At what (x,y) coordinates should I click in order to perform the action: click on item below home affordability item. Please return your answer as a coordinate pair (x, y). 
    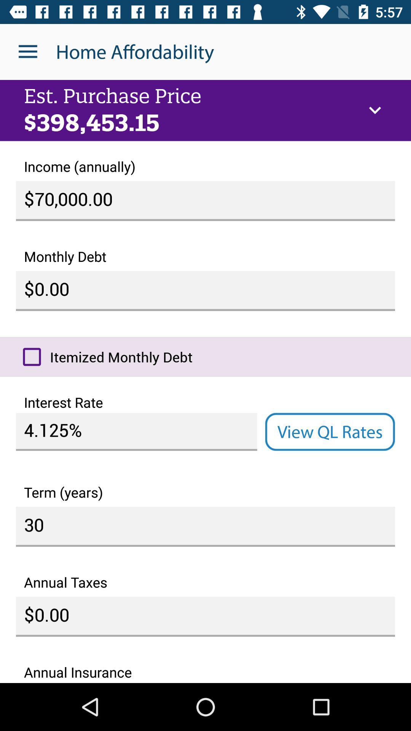
    Looking at the image, I should click on (374, 110).